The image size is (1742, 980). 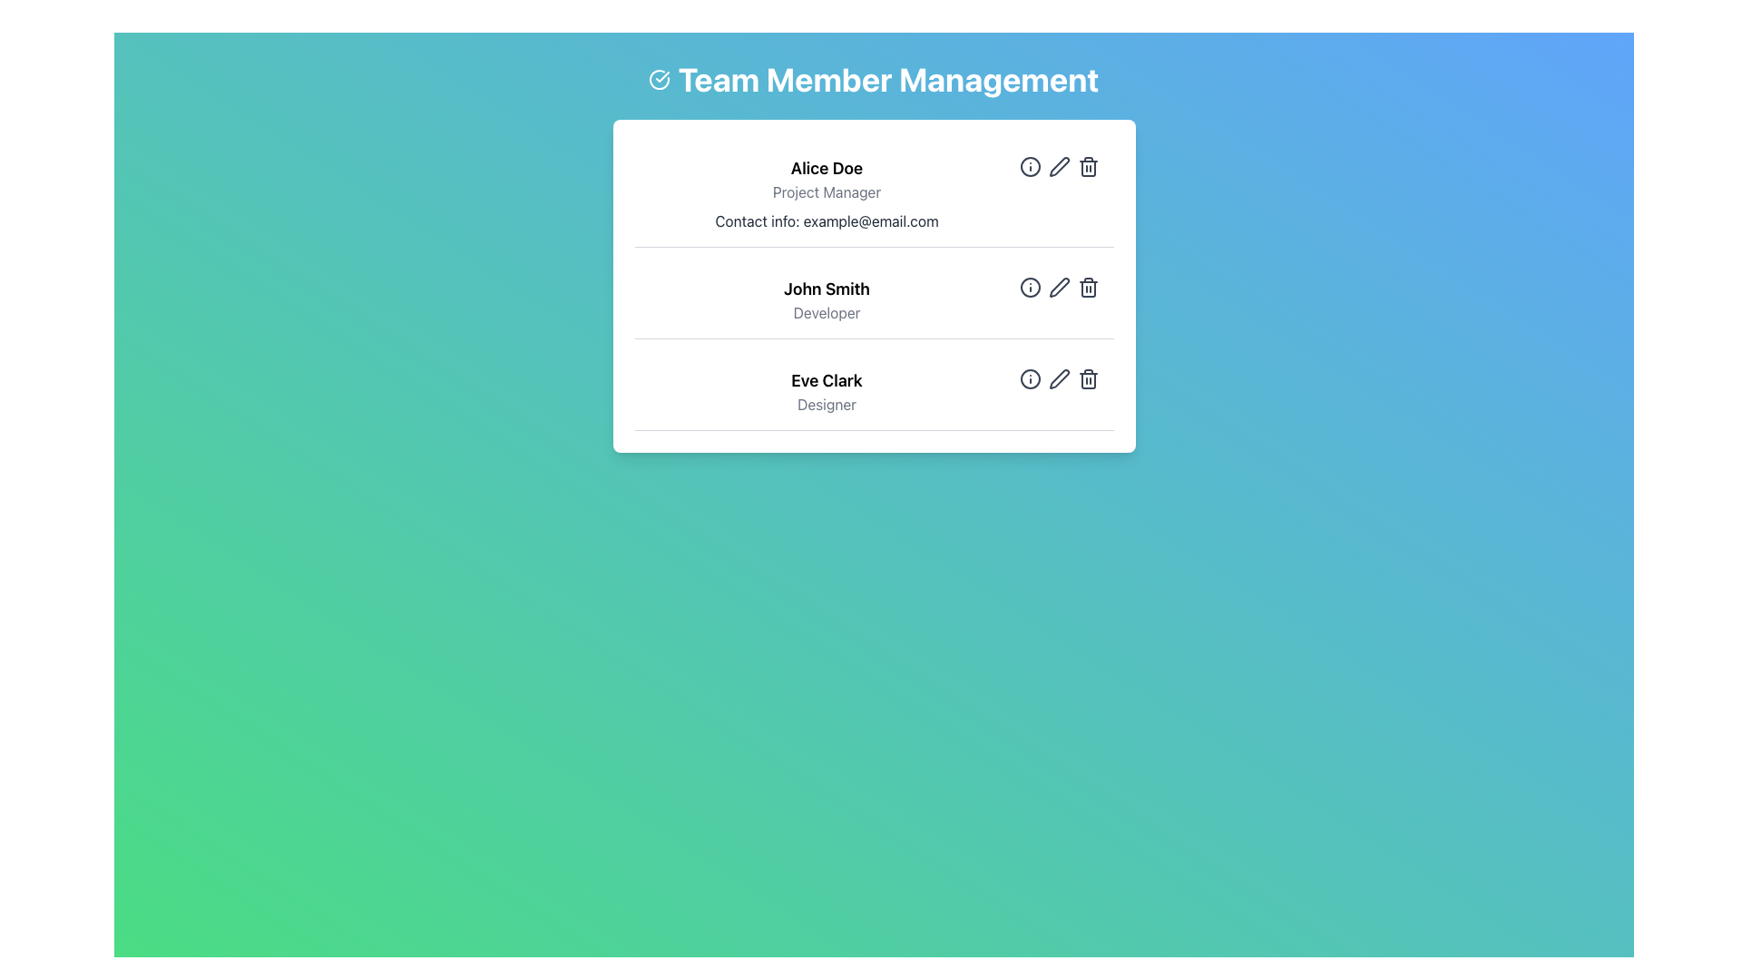 I want to click on the delete button on the far right of the actions associated with 'John Smith', so click(x=1088, y=286).